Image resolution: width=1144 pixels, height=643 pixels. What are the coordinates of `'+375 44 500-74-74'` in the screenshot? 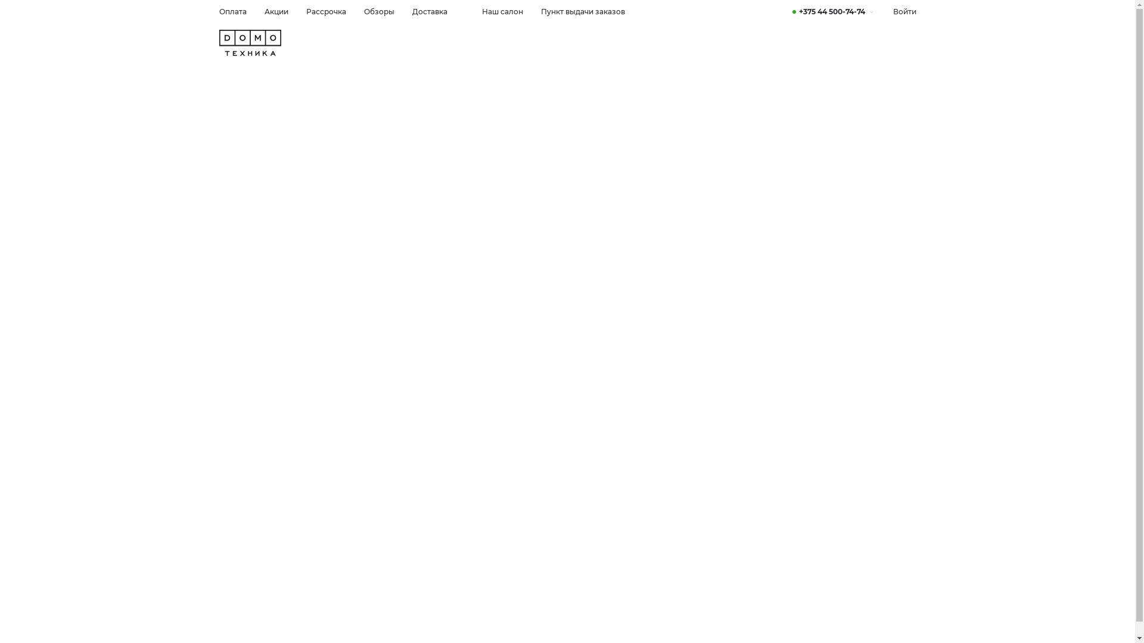 It's located at (833, 11).